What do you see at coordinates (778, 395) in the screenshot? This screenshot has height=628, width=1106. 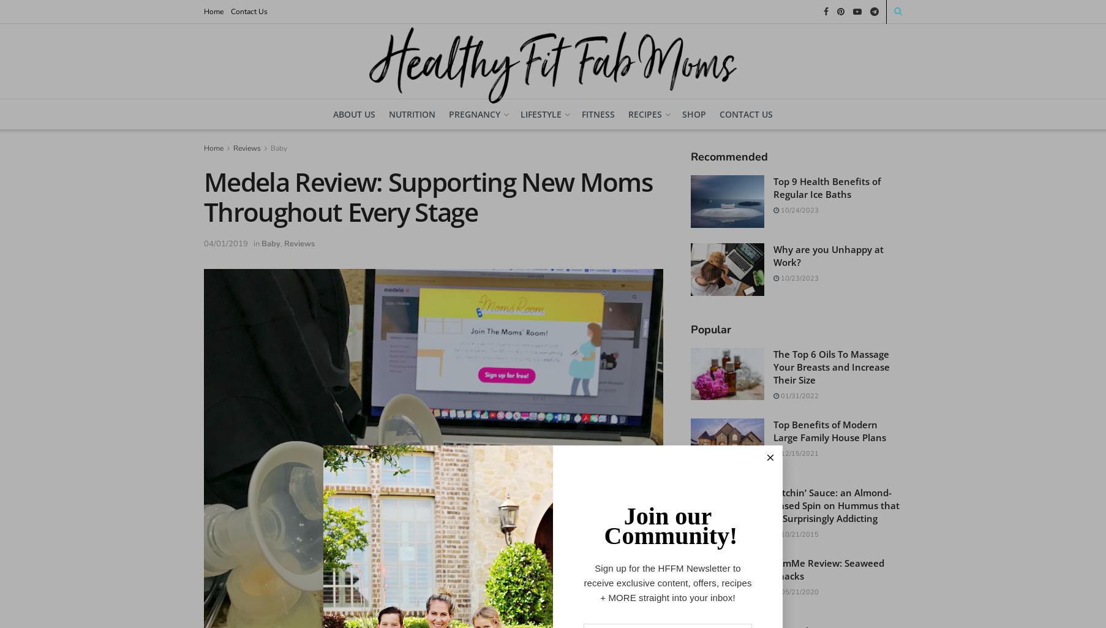 I see `'01/31/2022'` at bounding box center [778, 395].